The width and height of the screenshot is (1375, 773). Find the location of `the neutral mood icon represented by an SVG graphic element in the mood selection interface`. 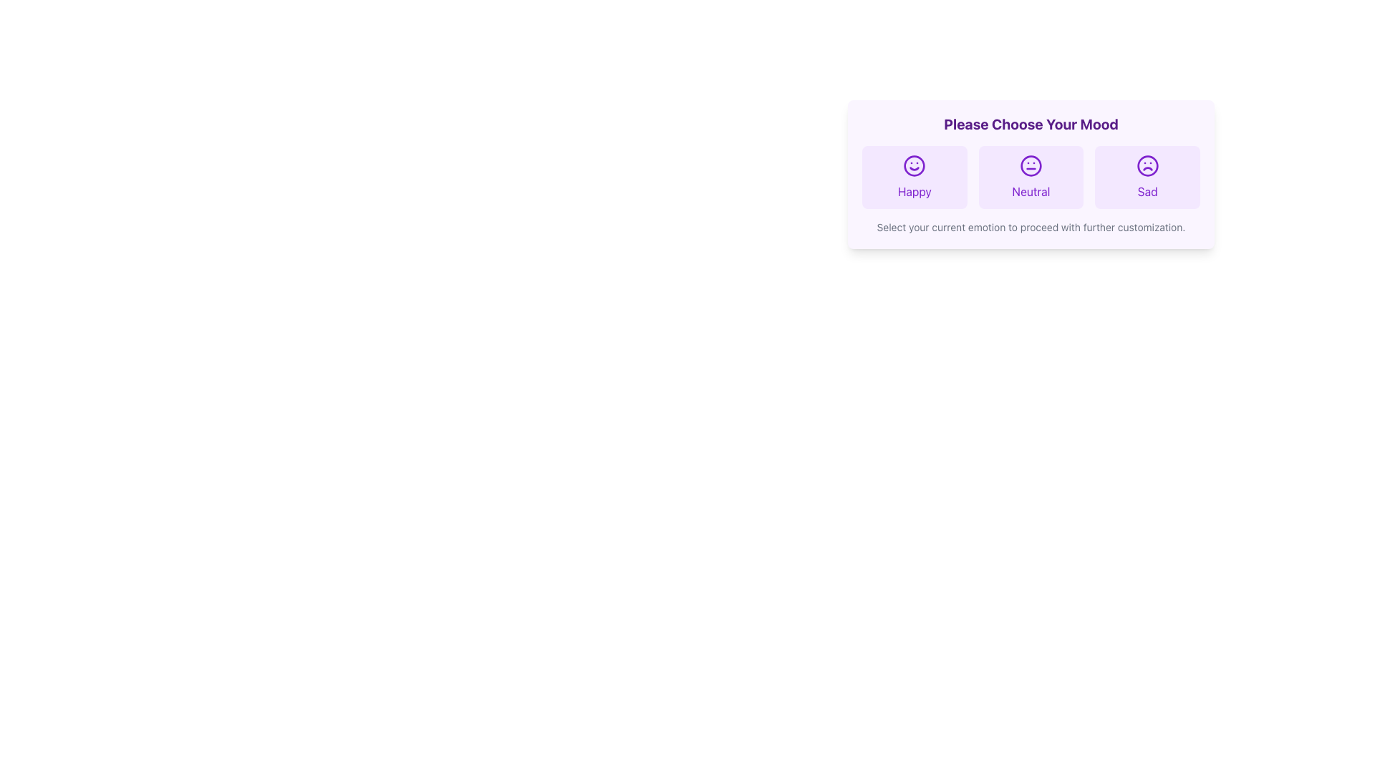

the neutral mood icon represented by an SVG graphic element in the mood selection interface is located at coordinates (1031, 165).